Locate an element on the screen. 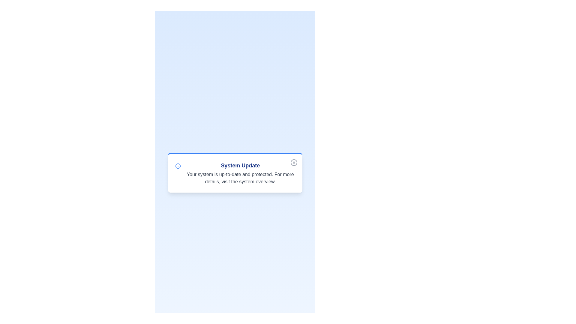  close button to dismiss the notification is located at coordinates (294, 163).